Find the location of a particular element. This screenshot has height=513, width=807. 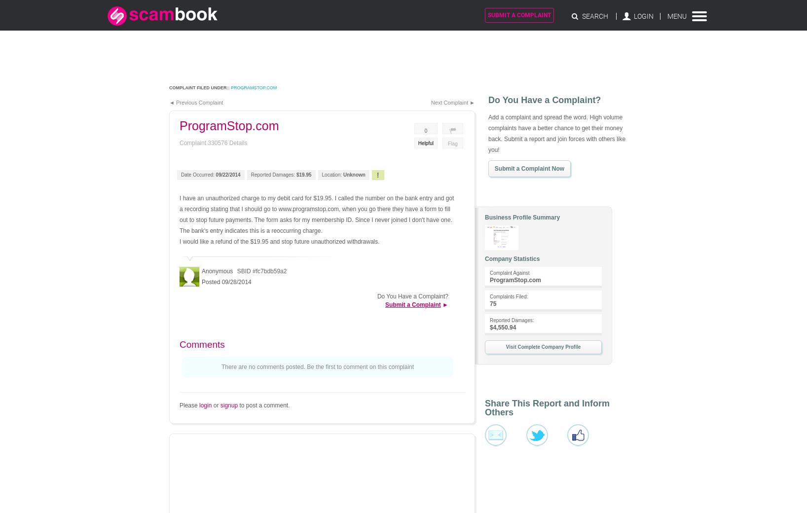

'Helpful' is located at coordinates (425, 143).